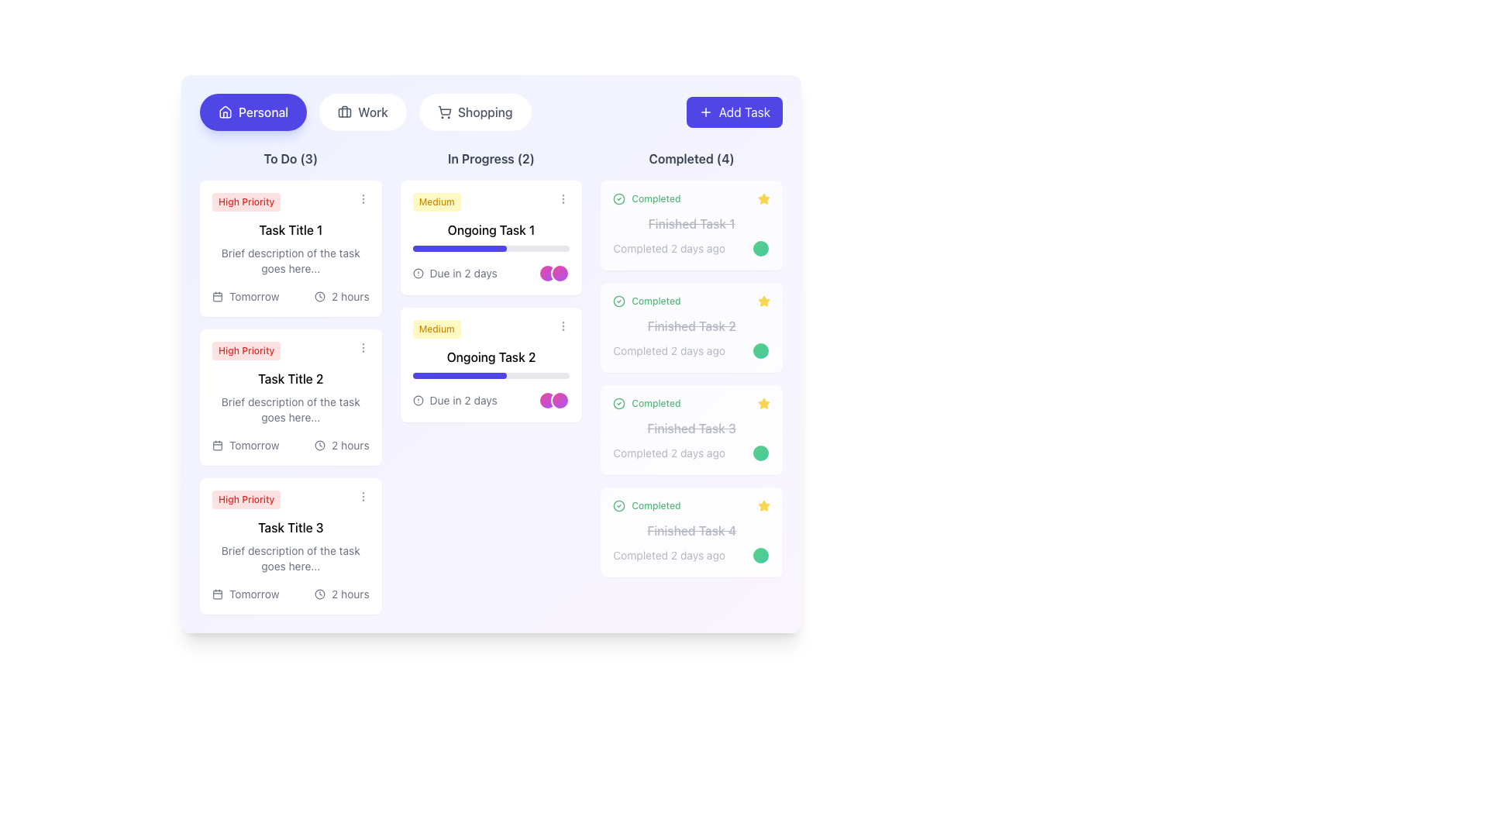 The height and width of the screenshot is (837, 1488). I want to click on the text label indicating the due date of 'Ongoing Task 1' in the 'In Progress' section to interact with the associated icons, so click(490, 273).